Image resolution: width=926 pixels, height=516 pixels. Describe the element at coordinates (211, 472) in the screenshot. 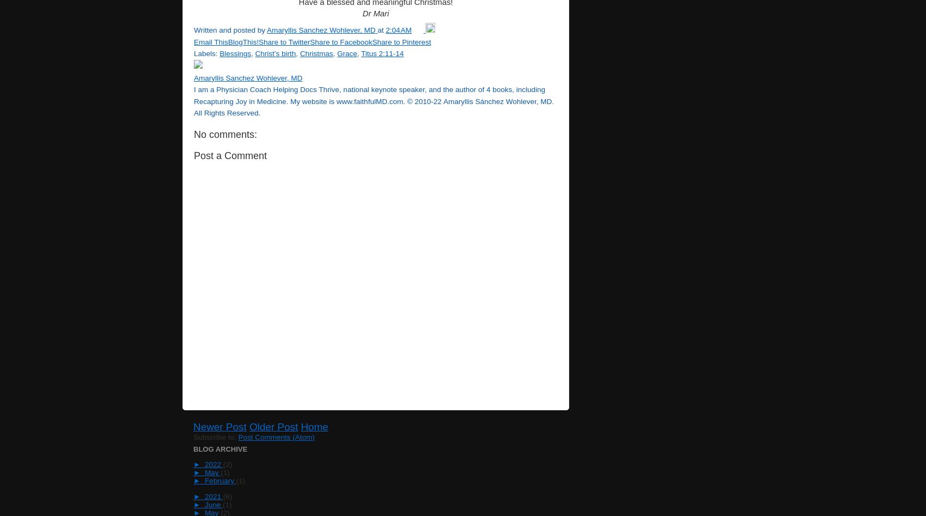

I see `'May'` at that location.